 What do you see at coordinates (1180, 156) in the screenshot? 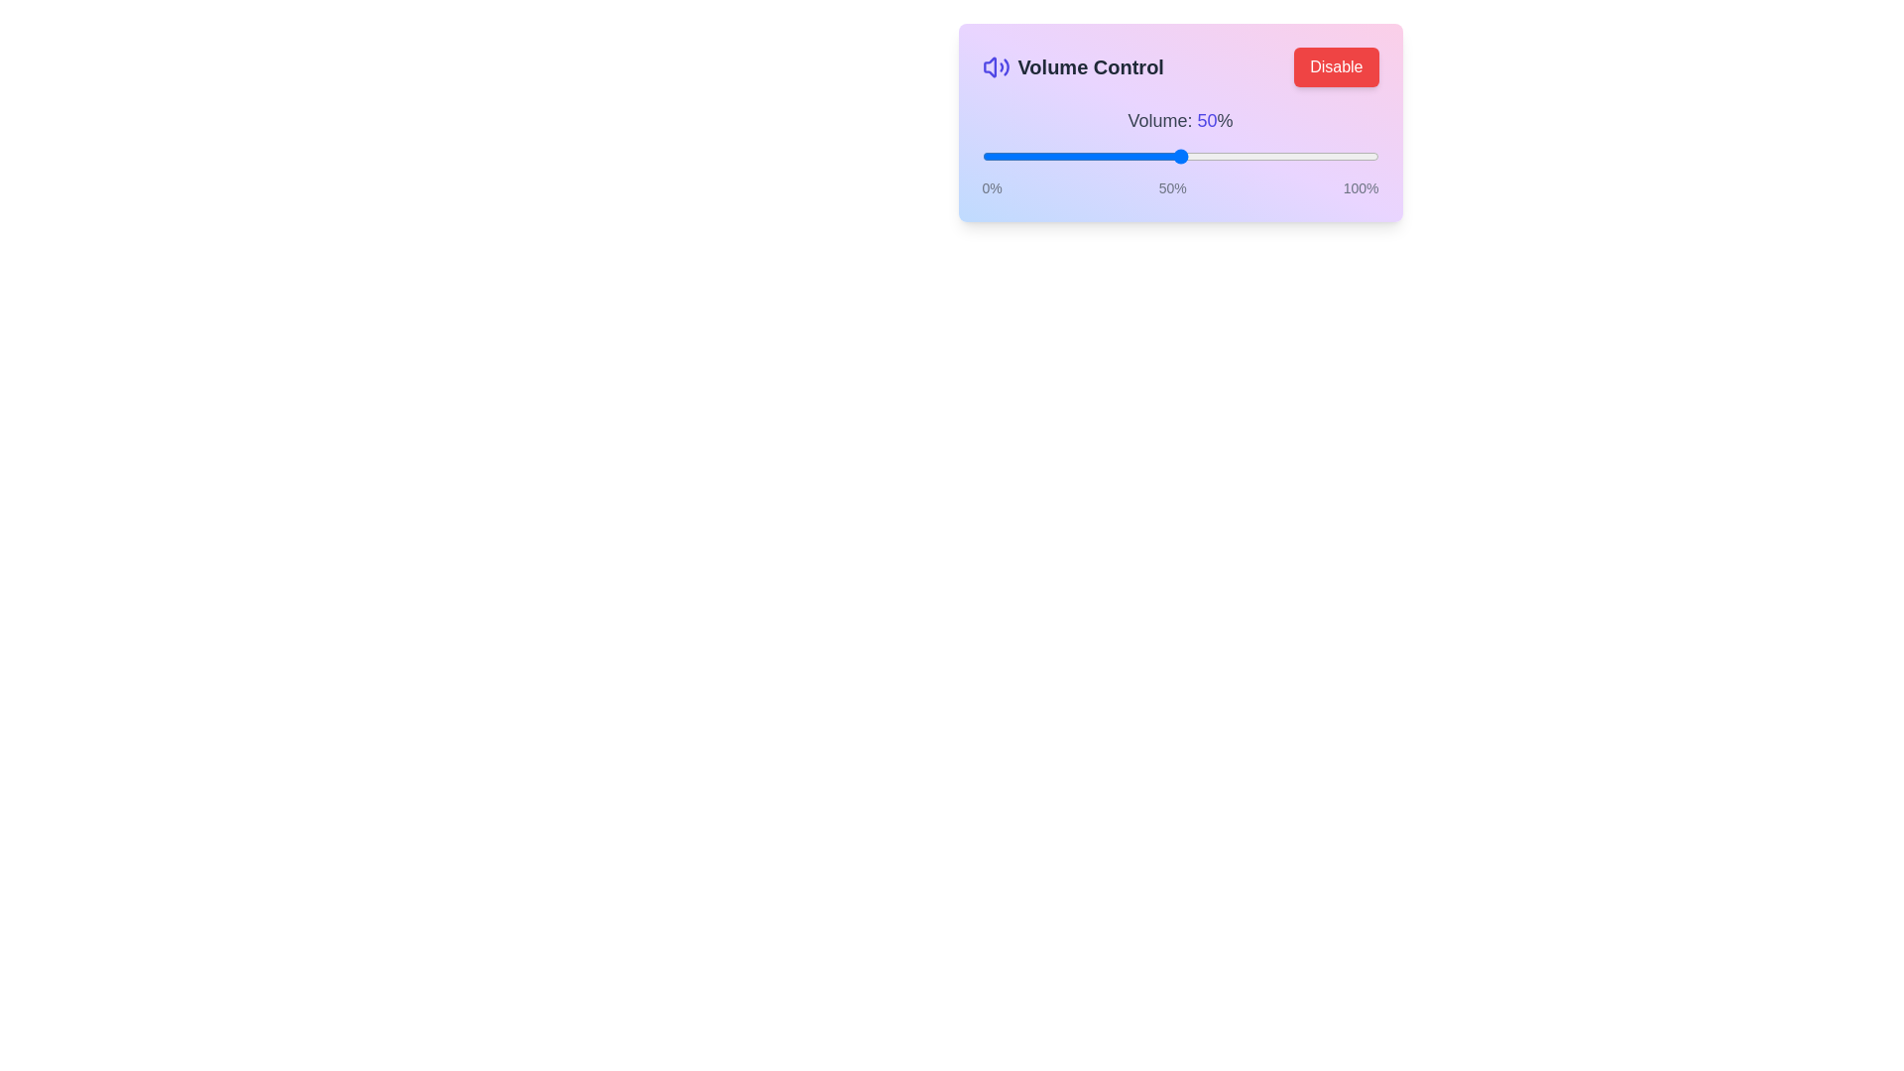
I see `the thumb handle of the volume control slider located centrally below the label 'Volume: 50%'` at bounding box center [1180, 156].